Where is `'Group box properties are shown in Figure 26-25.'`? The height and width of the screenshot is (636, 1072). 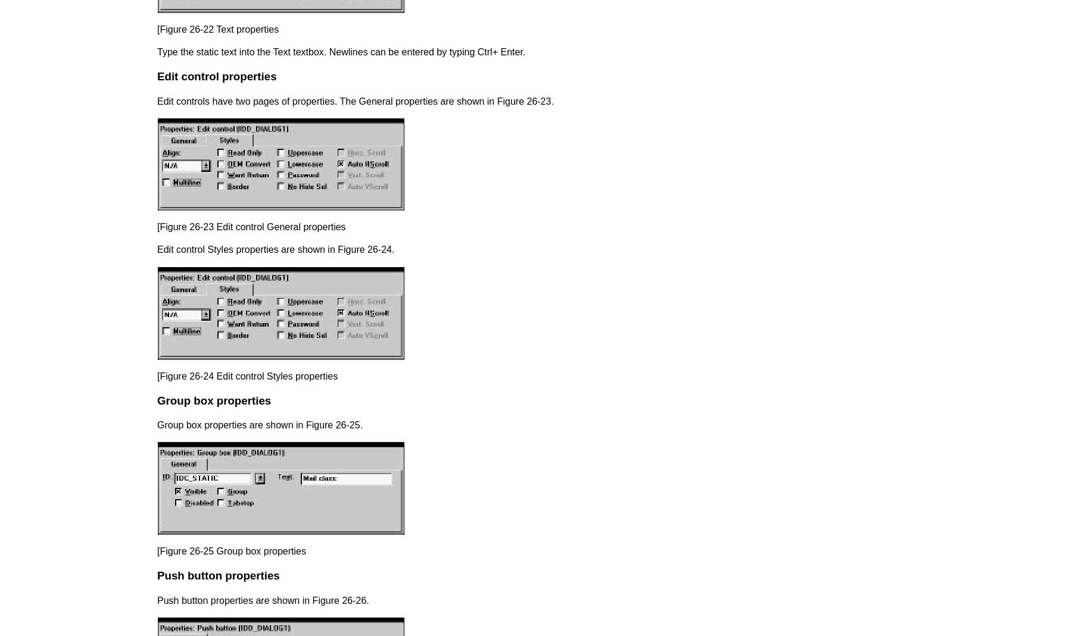 'Group box properties are shown in Figure 26-25.' is located at coordinates (157, 424).